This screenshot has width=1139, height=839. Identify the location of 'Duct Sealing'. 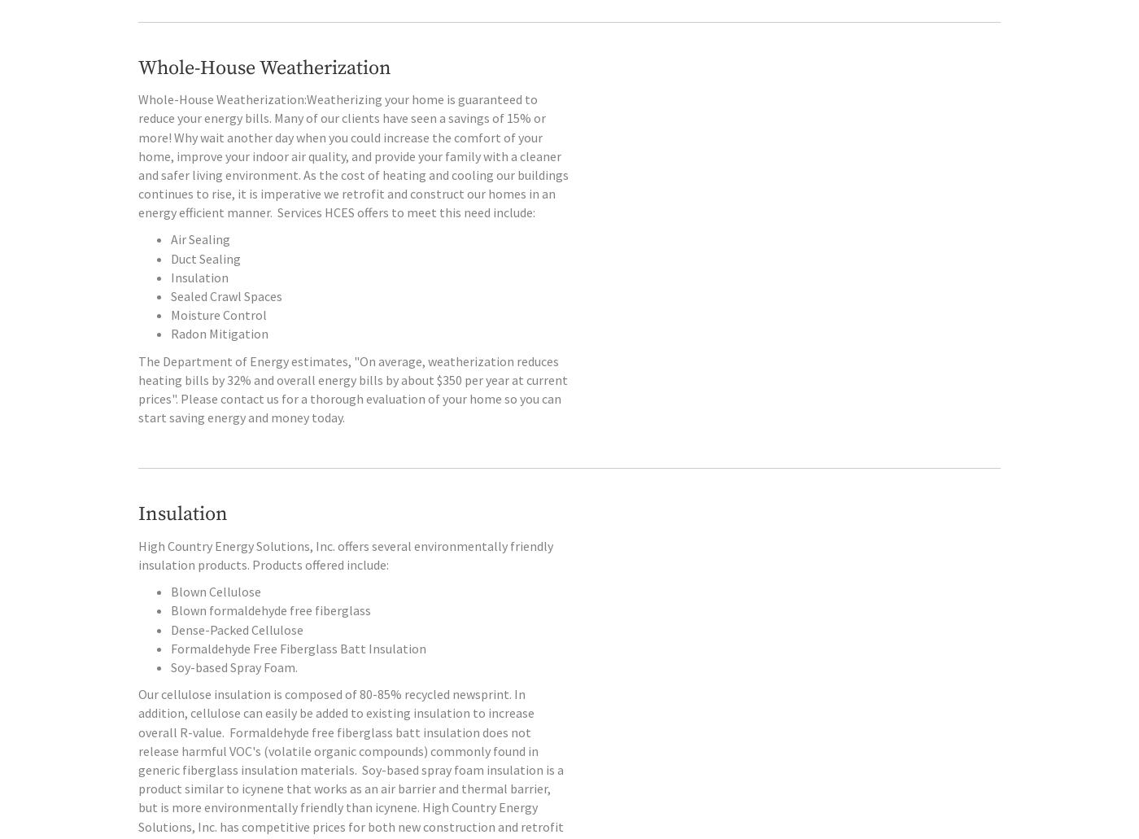
(205, 291).